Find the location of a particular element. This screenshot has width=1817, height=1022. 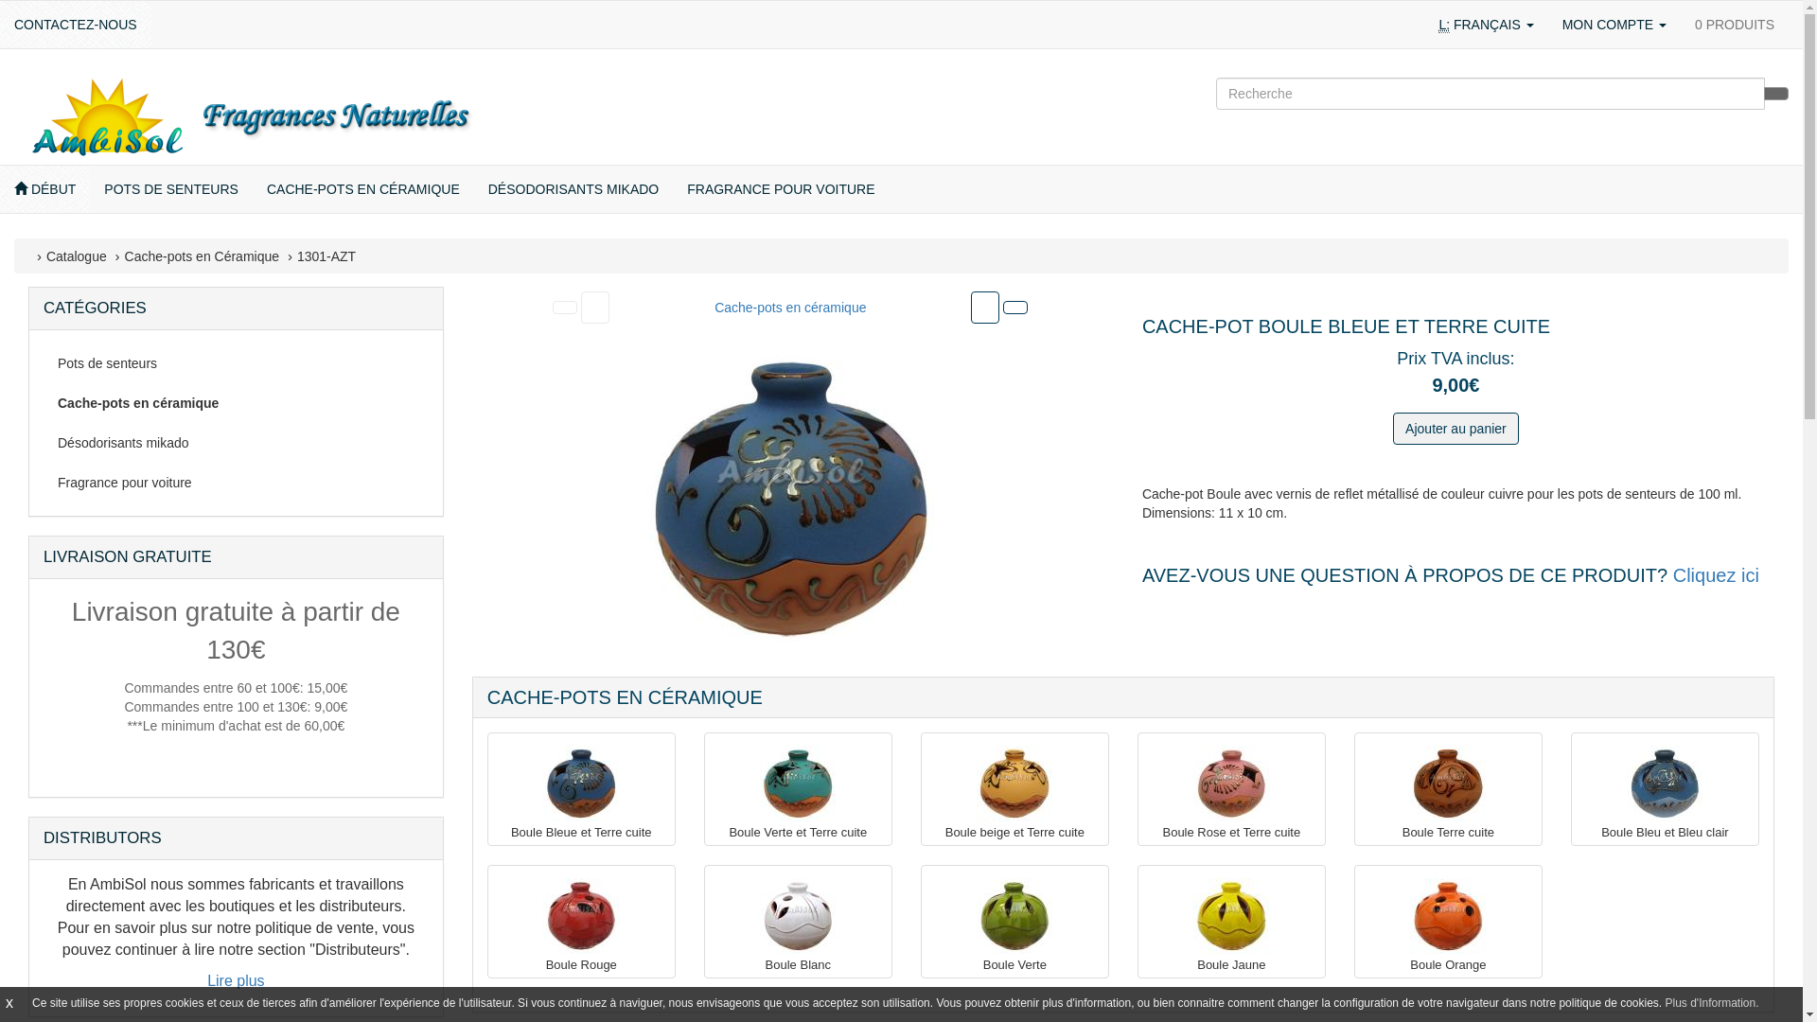

'Cache-pot Boule Bleue et Terre cuite' is located at coordinates (790, 498).